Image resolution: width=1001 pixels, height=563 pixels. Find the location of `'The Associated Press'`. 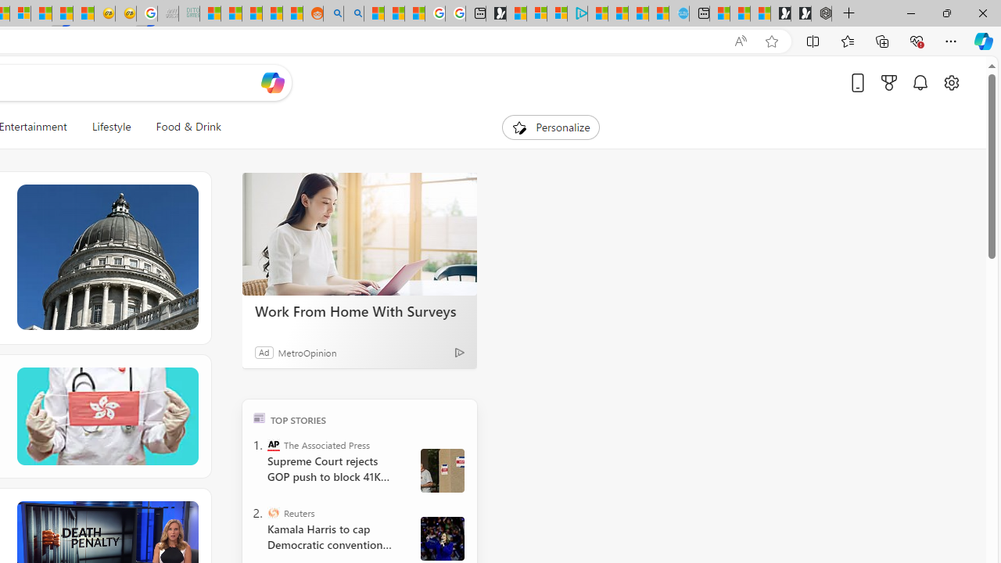

'The Associated Press' is located at coordinates (274, 444).